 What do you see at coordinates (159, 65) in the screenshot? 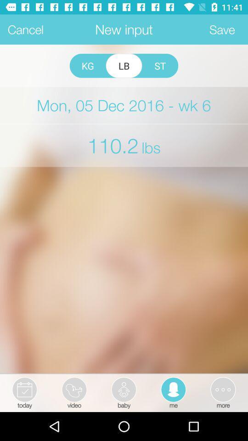
I see `app below new input icon` at bounding box center [159, 65].